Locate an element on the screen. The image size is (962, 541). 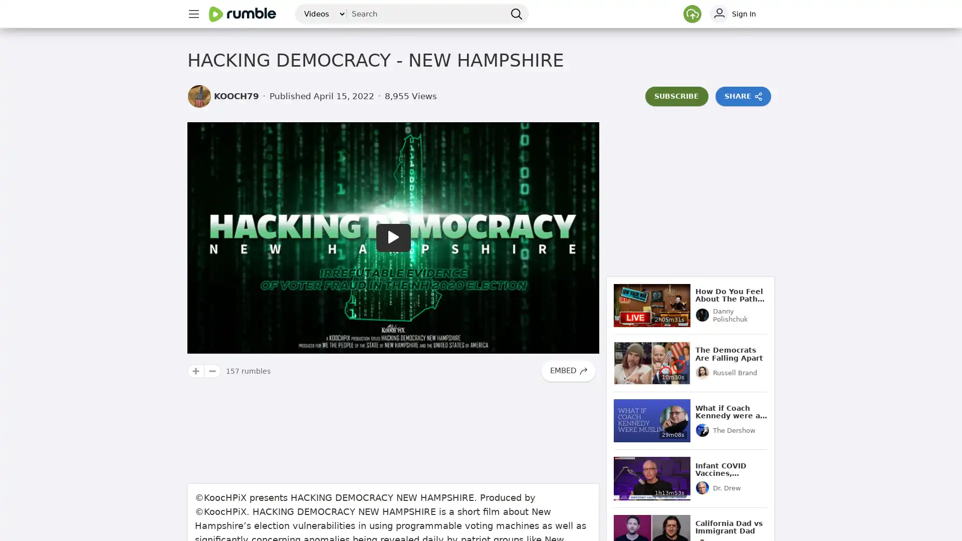
Rumbles up vote is located at coordinates (195, 371).